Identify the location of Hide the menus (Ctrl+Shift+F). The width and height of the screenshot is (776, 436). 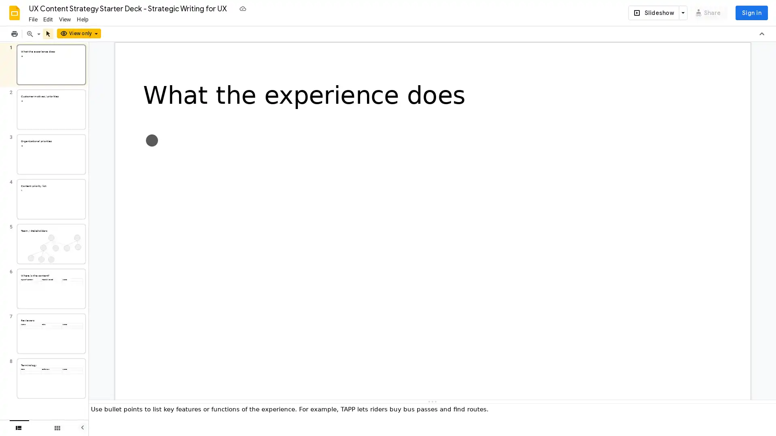
(761, 34).